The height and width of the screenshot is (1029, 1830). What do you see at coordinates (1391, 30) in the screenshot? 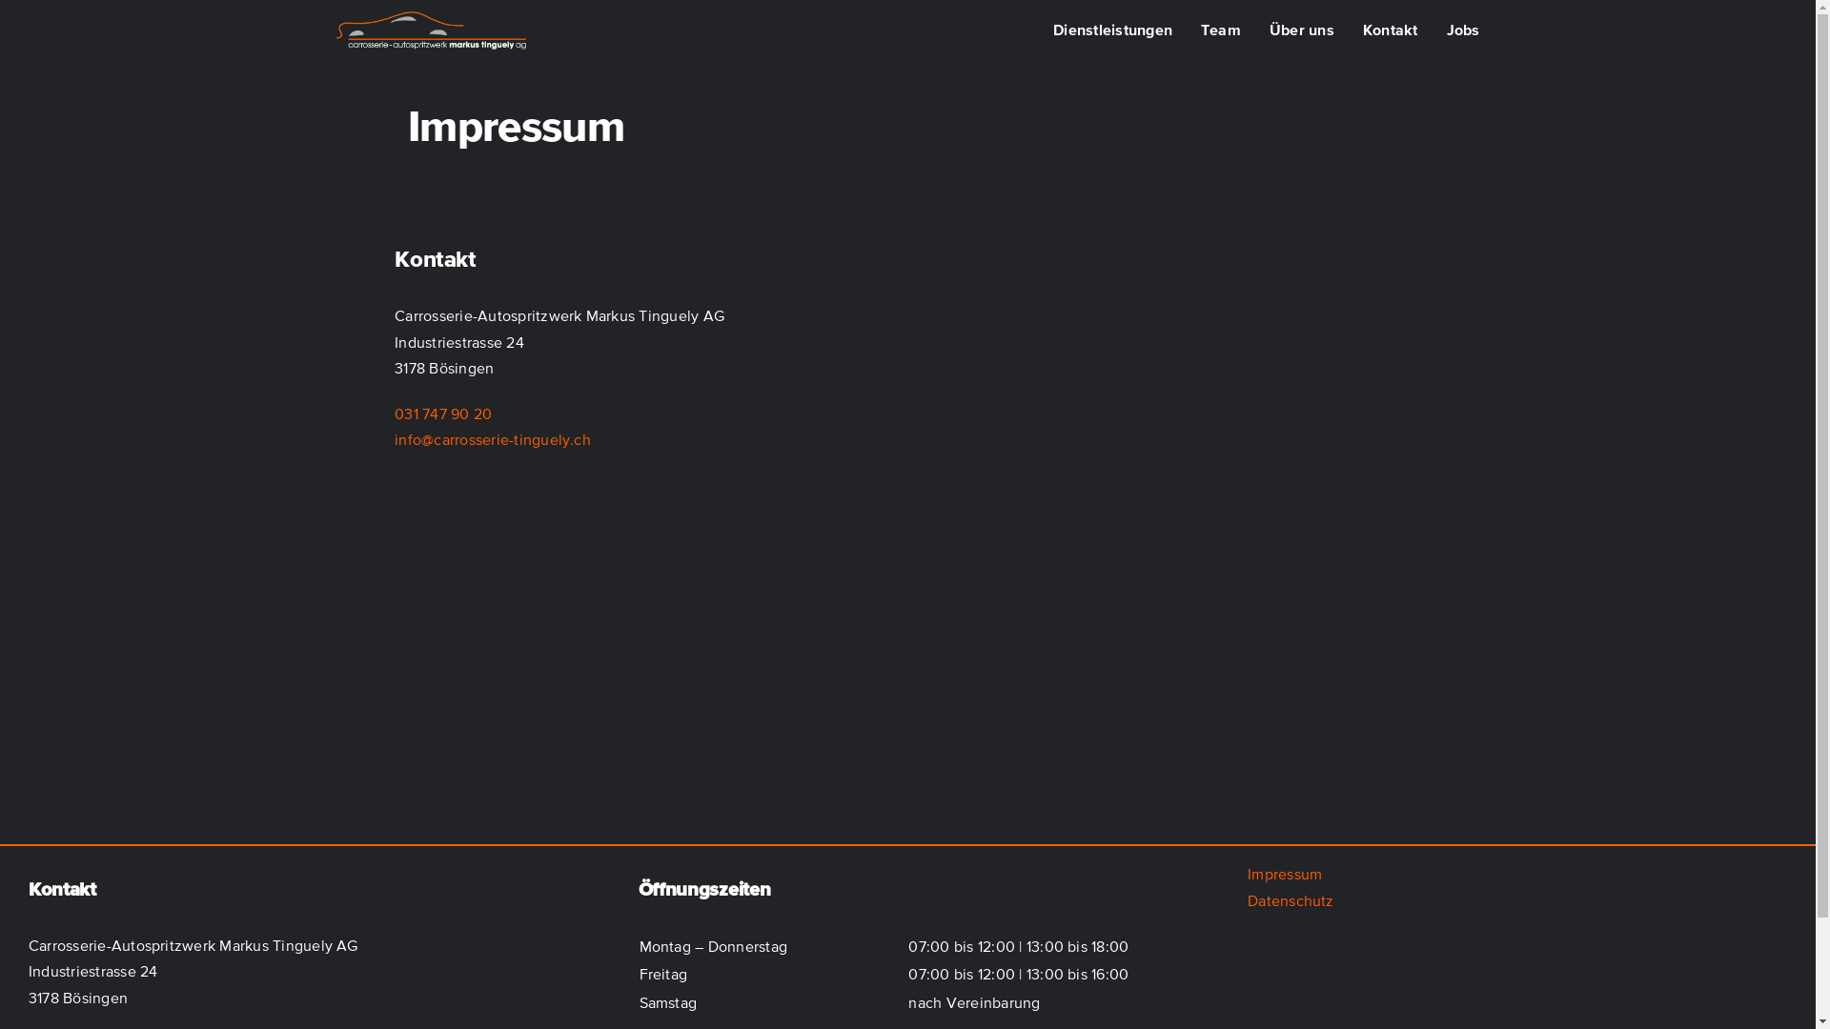
I see `'Kontakt'` at bounding box center [1391, 30].